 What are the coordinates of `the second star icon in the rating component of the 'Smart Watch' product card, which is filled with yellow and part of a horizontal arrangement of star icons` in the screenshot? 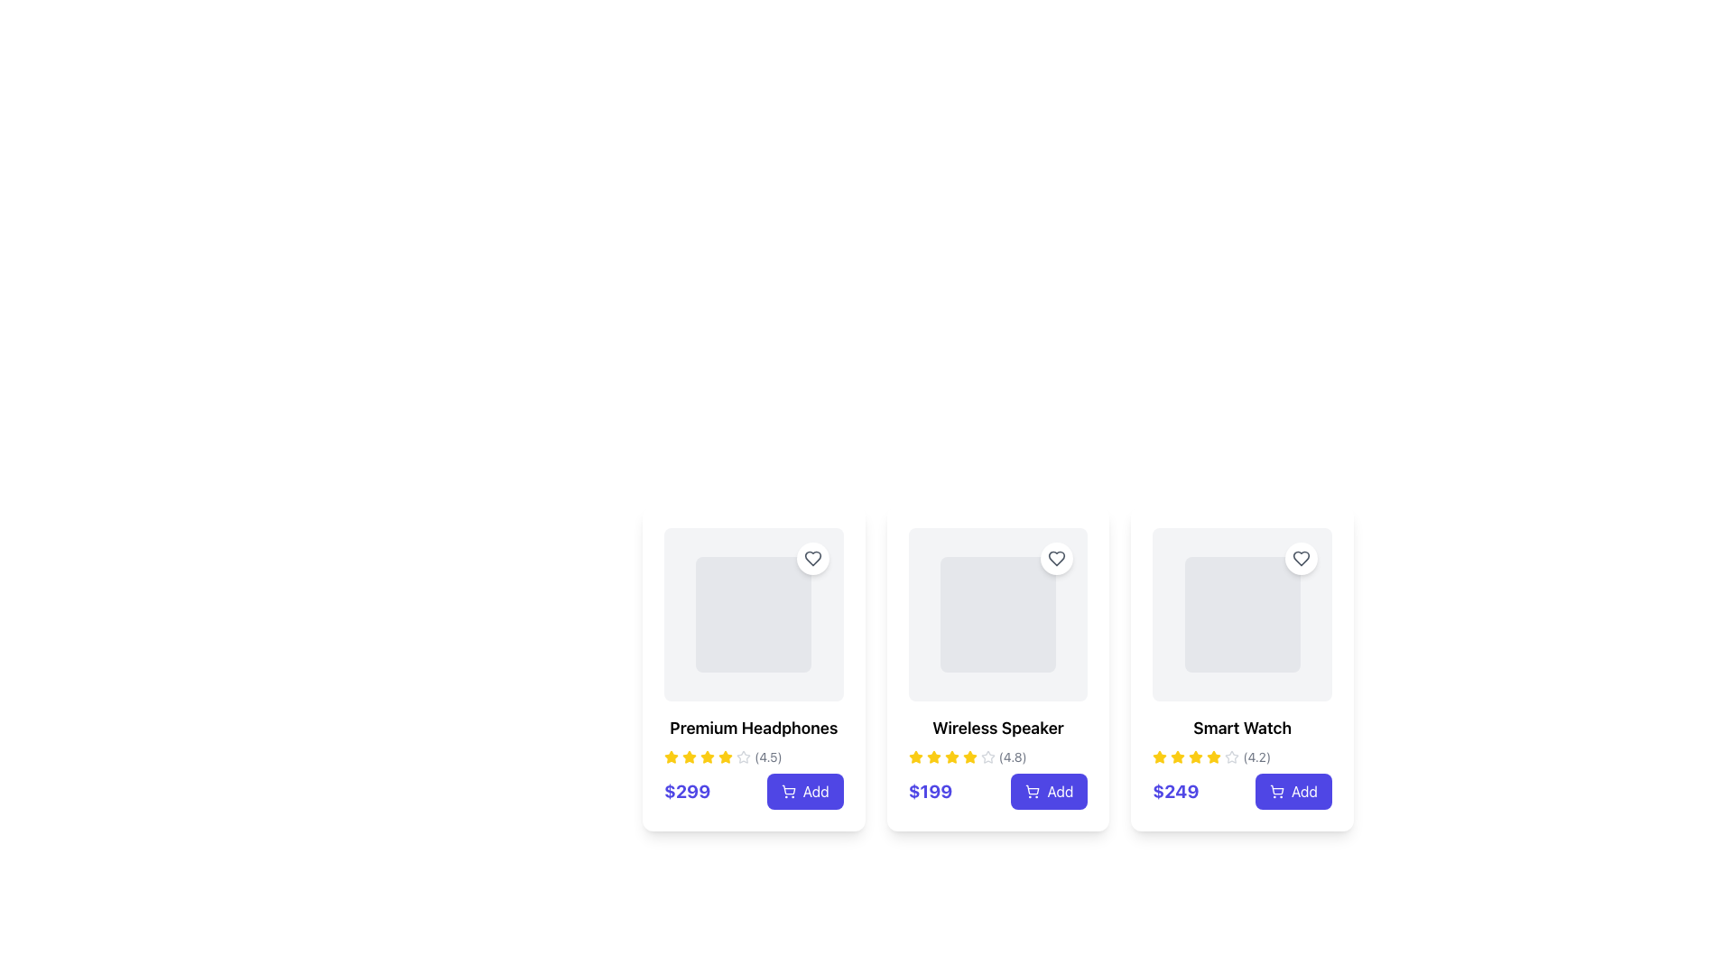 It's located at (1196, 757).